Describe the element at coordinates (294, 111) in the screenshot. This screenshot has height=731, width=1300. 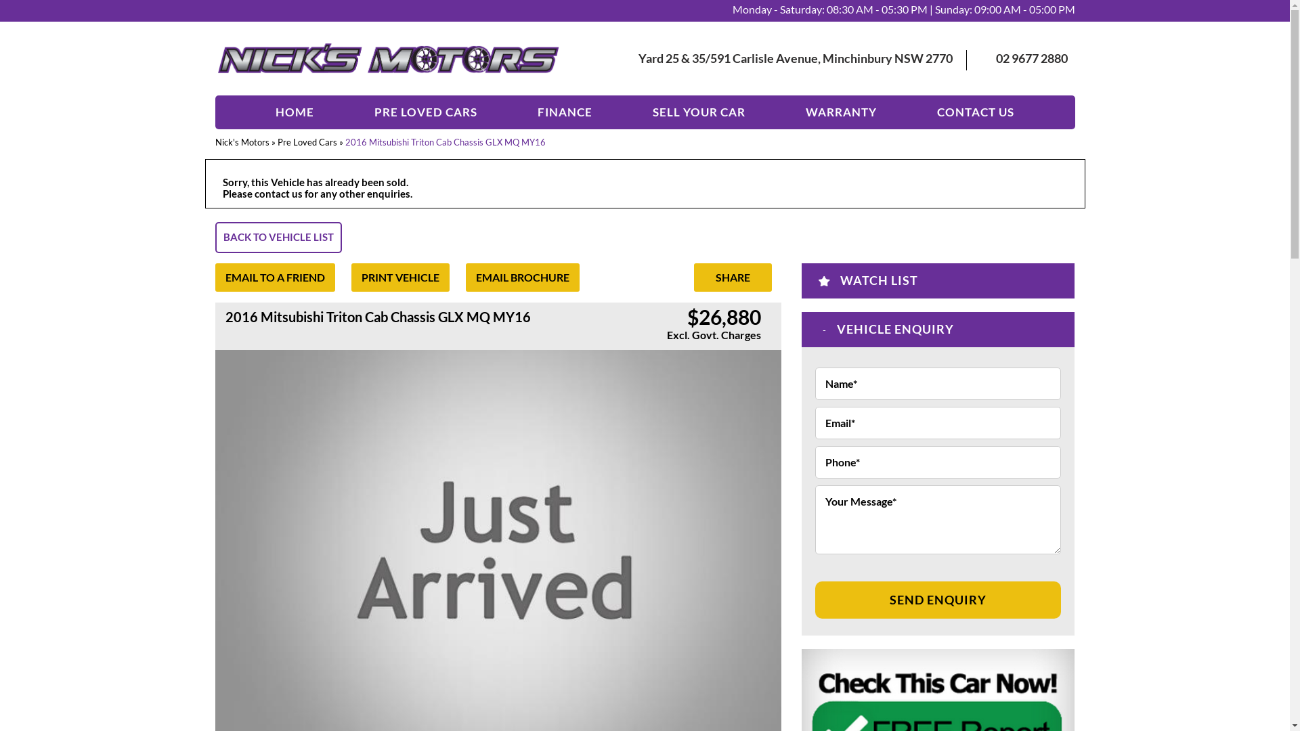
I see `'HOME'` at that location.